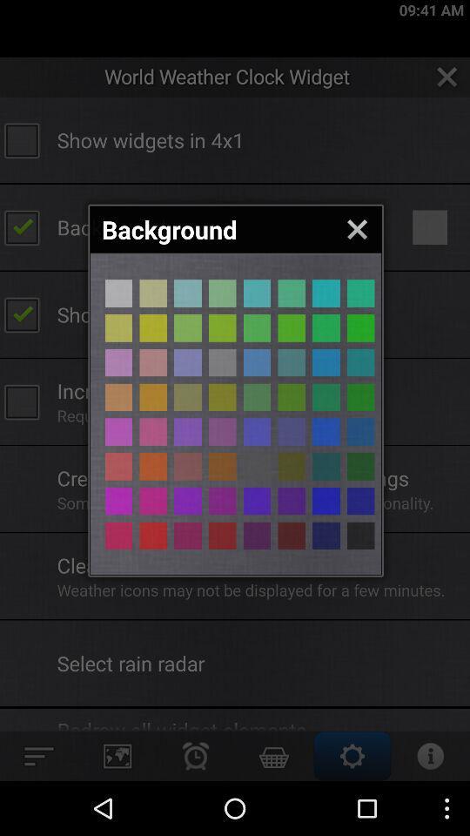 Image resolution: width=470 pixels, height=836 pixels. Describe the element at coordinates (256, 397) in the screenshot. I see `pick green background color` at that location.